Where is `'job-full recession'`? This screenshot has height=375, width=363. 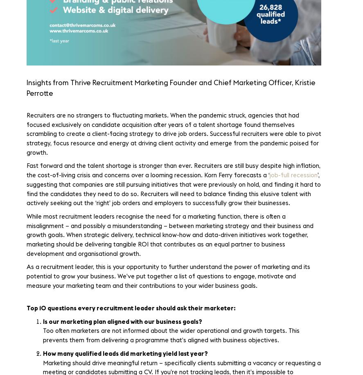 'job-full recession' is located at coordinates (293, 175).